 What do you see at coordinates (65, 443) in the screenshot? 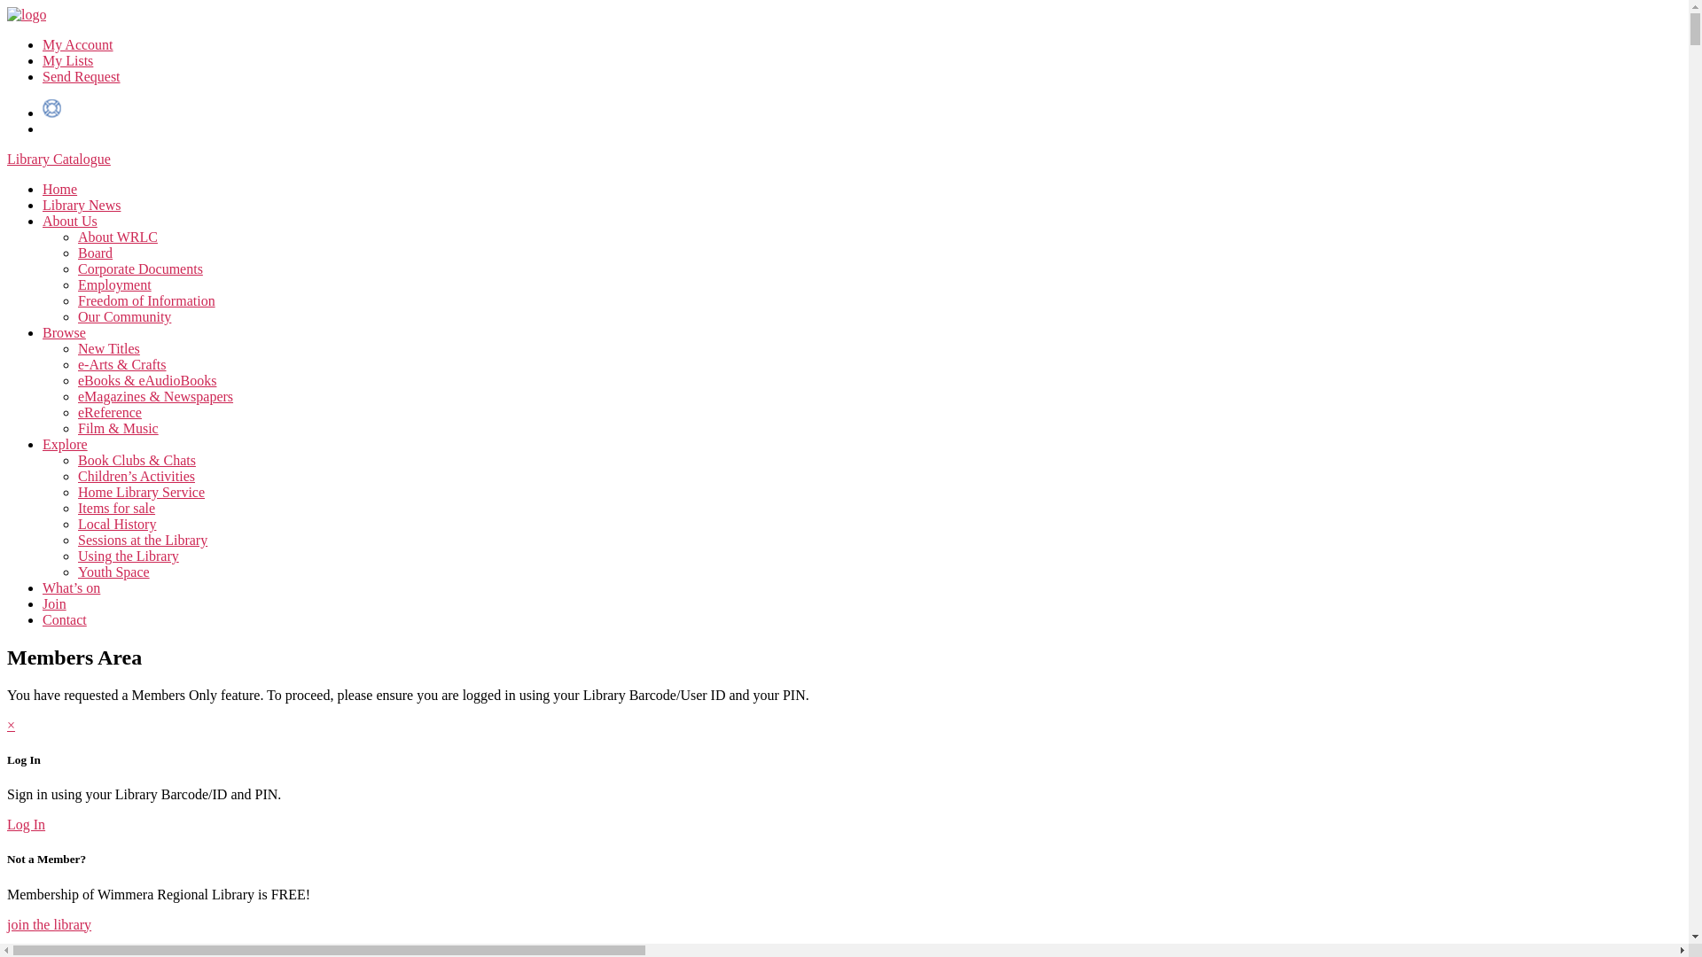
I see `'Explore'` at bounding box center [65, 443].